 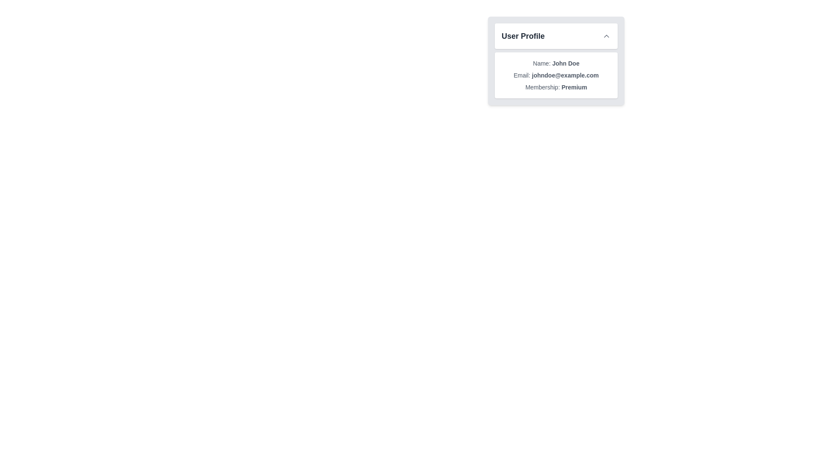 I want to click on the chevron icon located at the top-right corner of the 'User Profile' header section, so click(x=606, y=35).